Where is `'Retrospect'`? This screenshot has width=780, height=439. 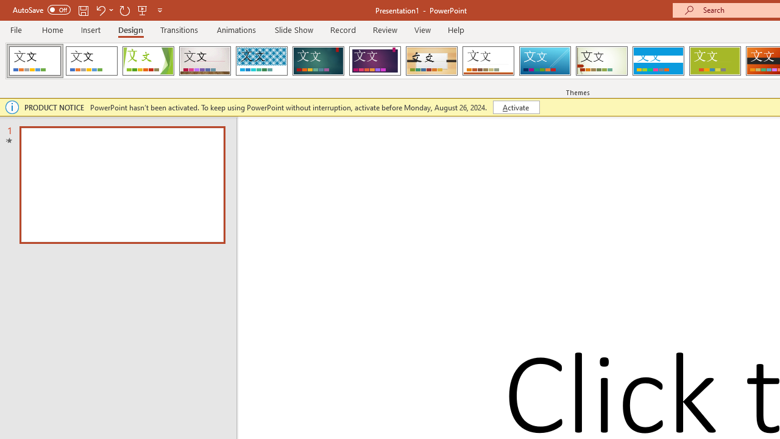 'Retrospect' is located at coordinates (488, 61).